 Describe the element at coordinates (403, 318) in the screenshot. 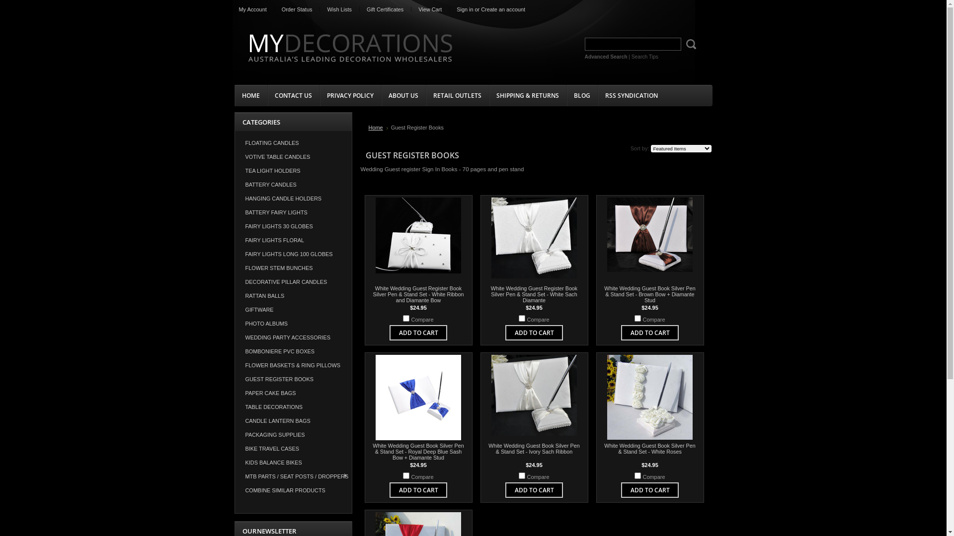

I see `'908'` at that location.